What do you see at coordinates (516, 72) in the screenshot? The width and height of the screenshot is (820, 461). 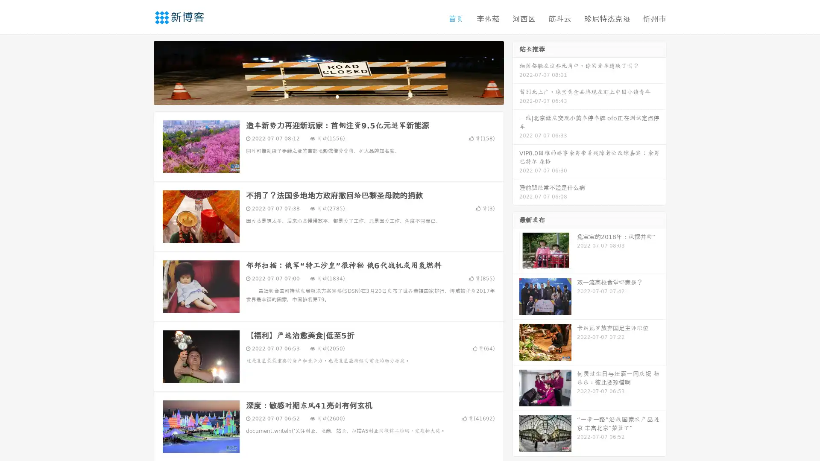 I see `Next slide` at bounding box center [516, 72].